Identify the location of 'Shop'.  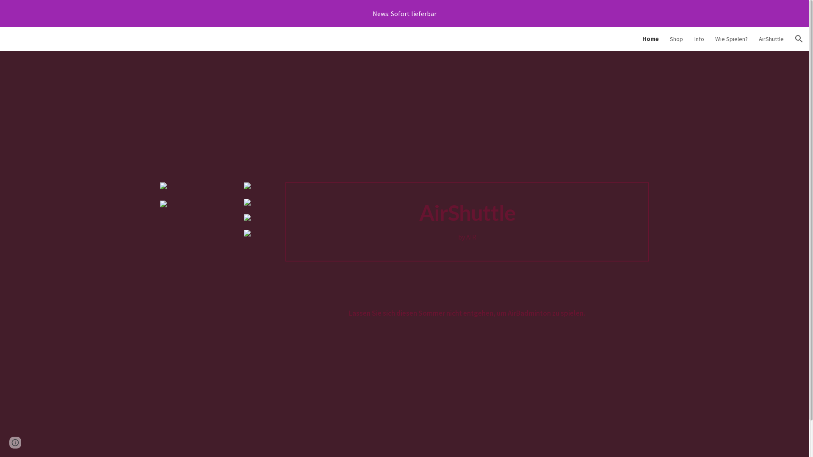
(676, 39).